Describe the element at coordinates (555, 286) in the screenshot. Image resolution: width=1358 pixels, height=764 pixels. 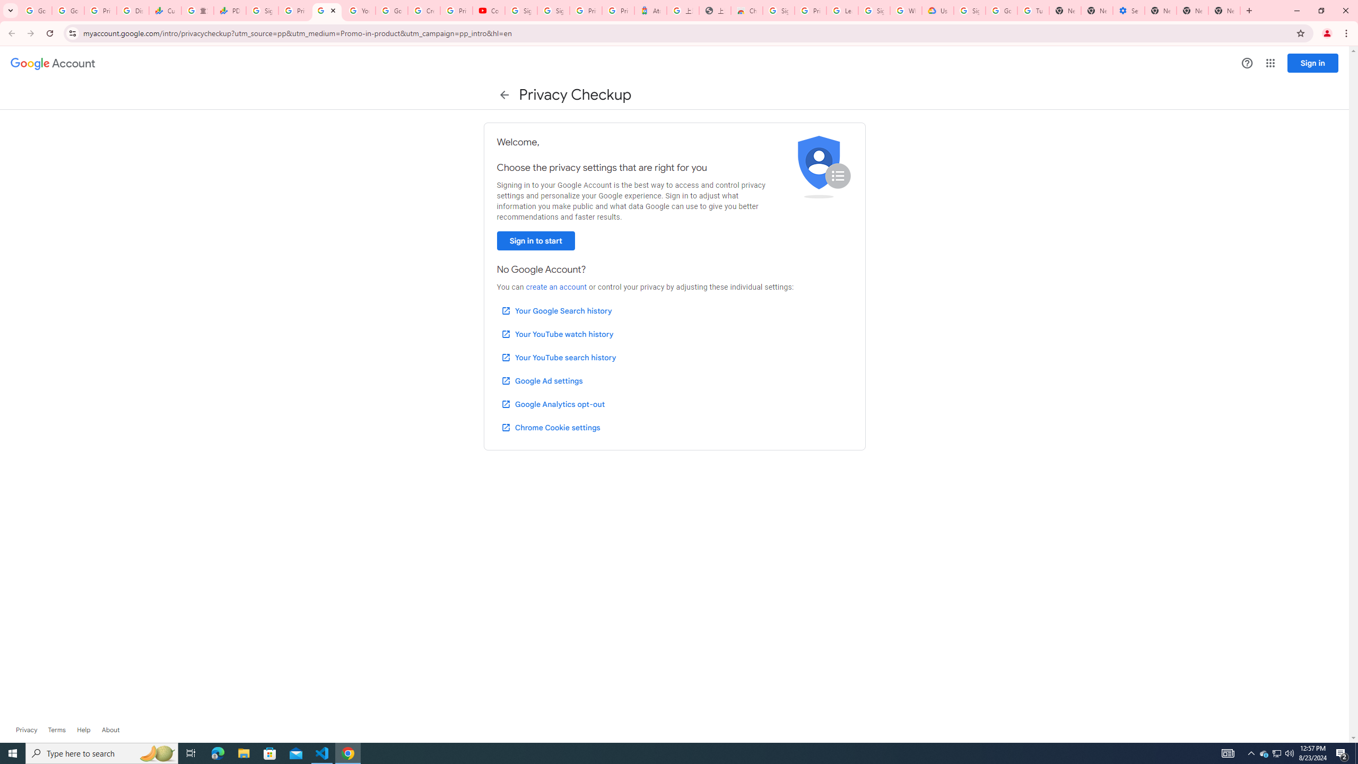
I see `'create an account'` at that location.